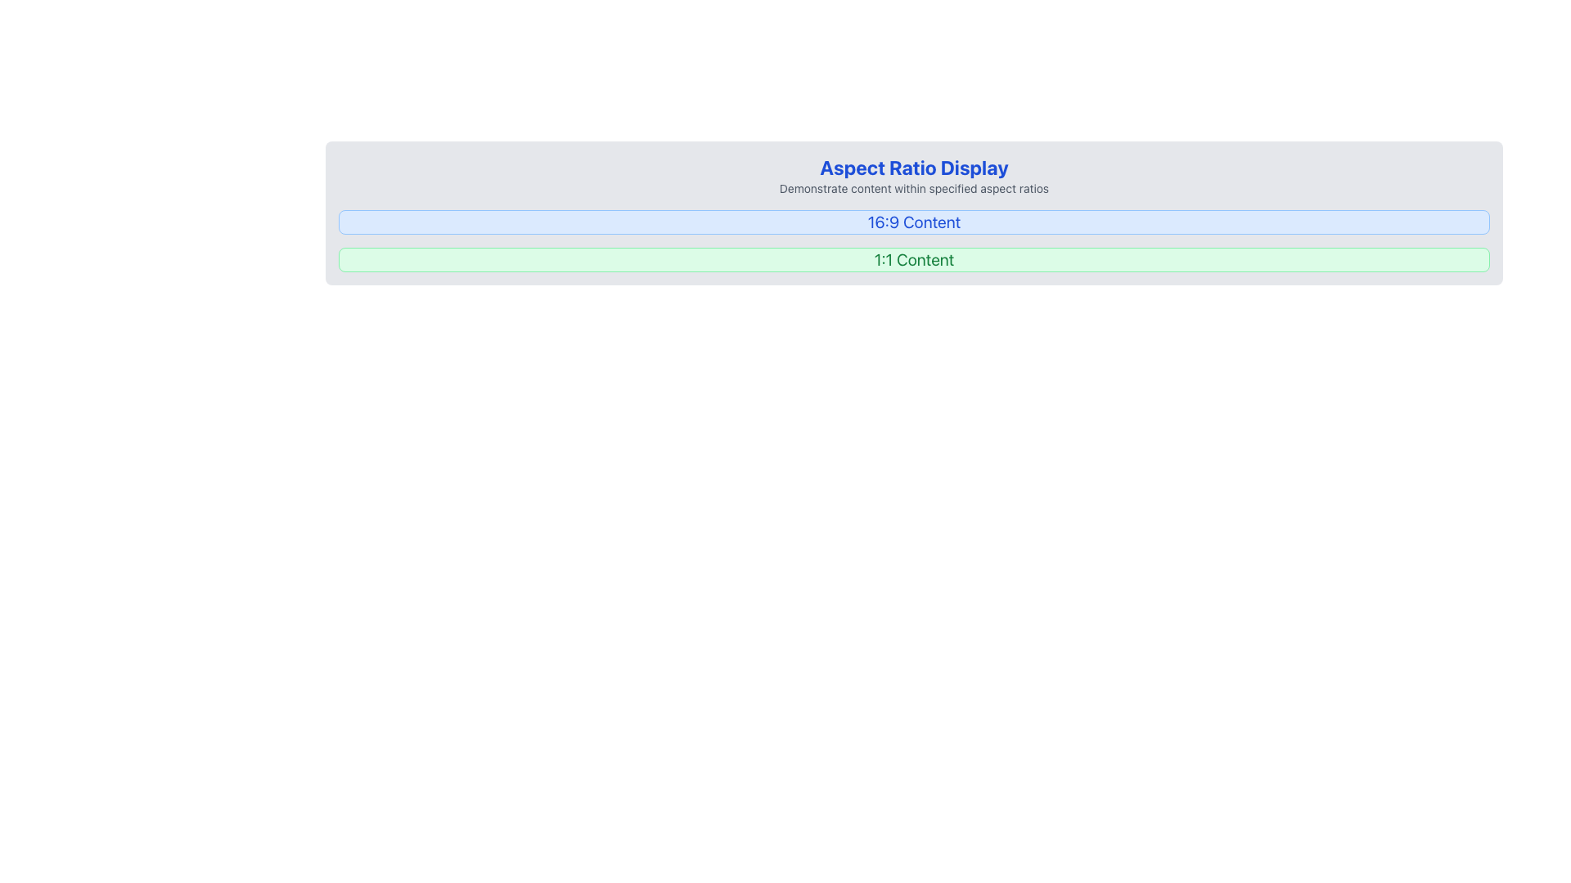 This screenshot has width=1571, height=883. What do you see at coordinates (913, 222) in the screenshot?
I see `the static text label reading '16:9 Content', which is styled with a larger font size and a blue color, located within the first row of the 'Aspect Ratio Display' section` at bounding box center [913, 222].